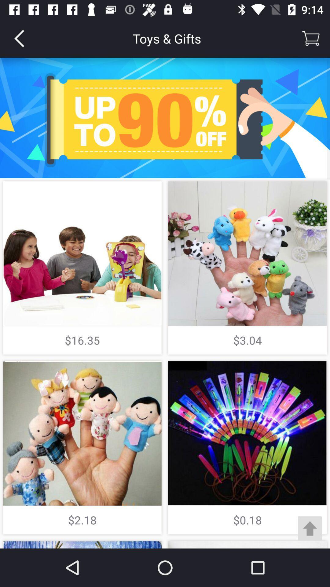 This screenshot has height=587, width=330. Describe the element at coordinates (311, 38) in the screenshot. I see `cart` at that location.